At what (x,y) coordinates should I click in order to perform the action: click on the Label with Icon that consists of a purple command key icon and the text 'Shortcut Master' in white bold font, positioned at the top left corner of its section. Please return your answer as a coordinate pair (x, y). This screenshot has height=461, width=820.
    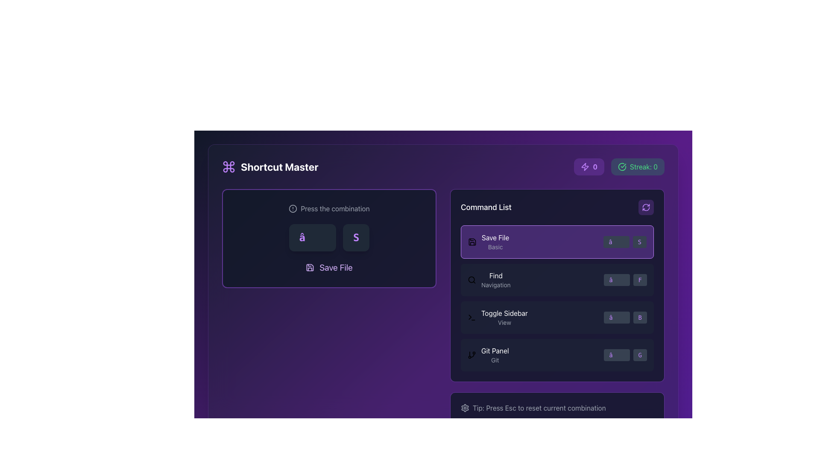
    Looking at the image, I should click on (269, 166).